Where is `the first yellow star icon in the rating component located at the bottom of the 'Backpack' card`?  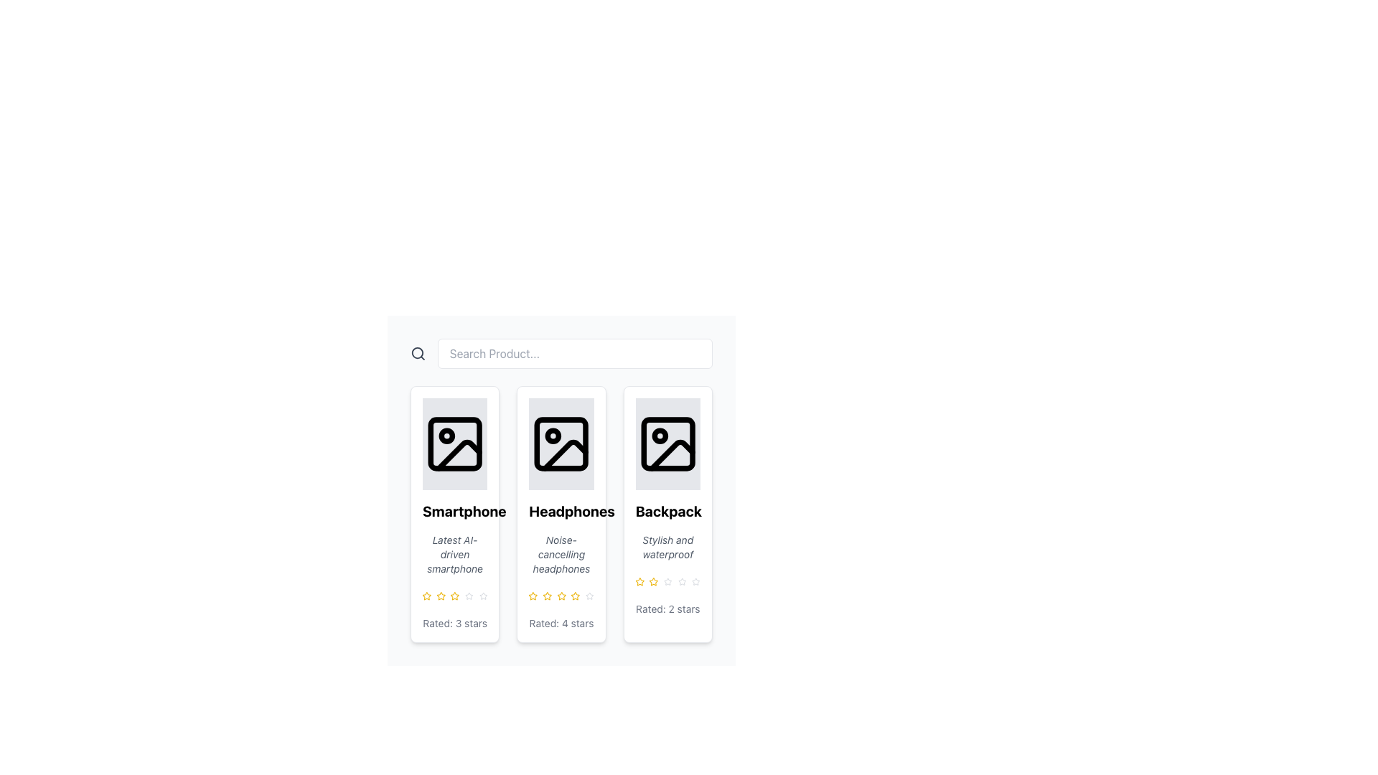 the first yellow star icon in the rating component located at the bottom of the 'Backpack' card is located at coordinates (653, 581).